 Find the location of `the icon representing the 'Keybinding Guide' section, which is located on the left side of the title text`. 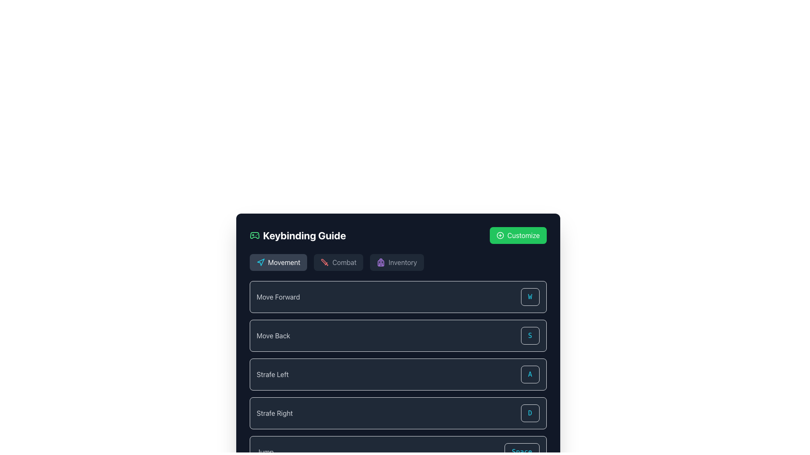

the icon representing the 'Keybinding Guide' section, which is located on the left side of the title text is located at coordinates (254, 236).